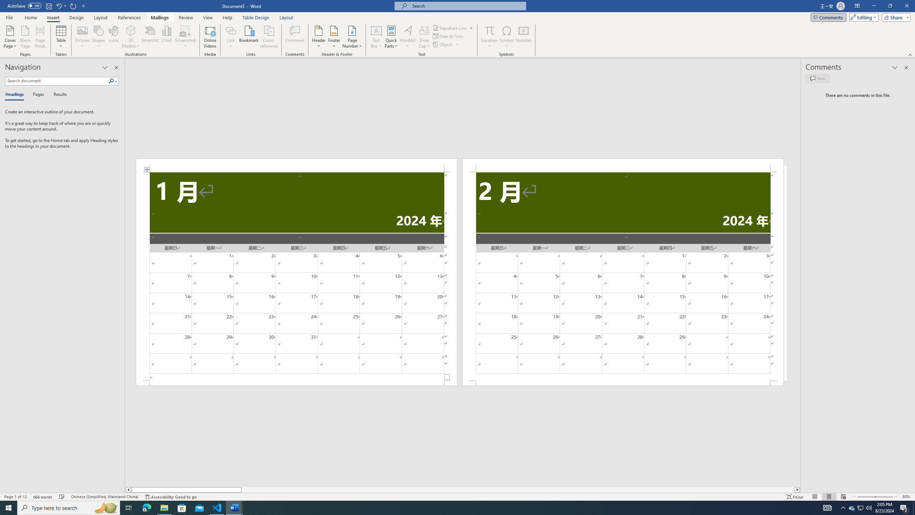 This screenshot has width=915, height=515. What do you see at coordinates (269, 37) in the screenshot?
I see `'Cross-reference...'` at bounding box center [269, 37].